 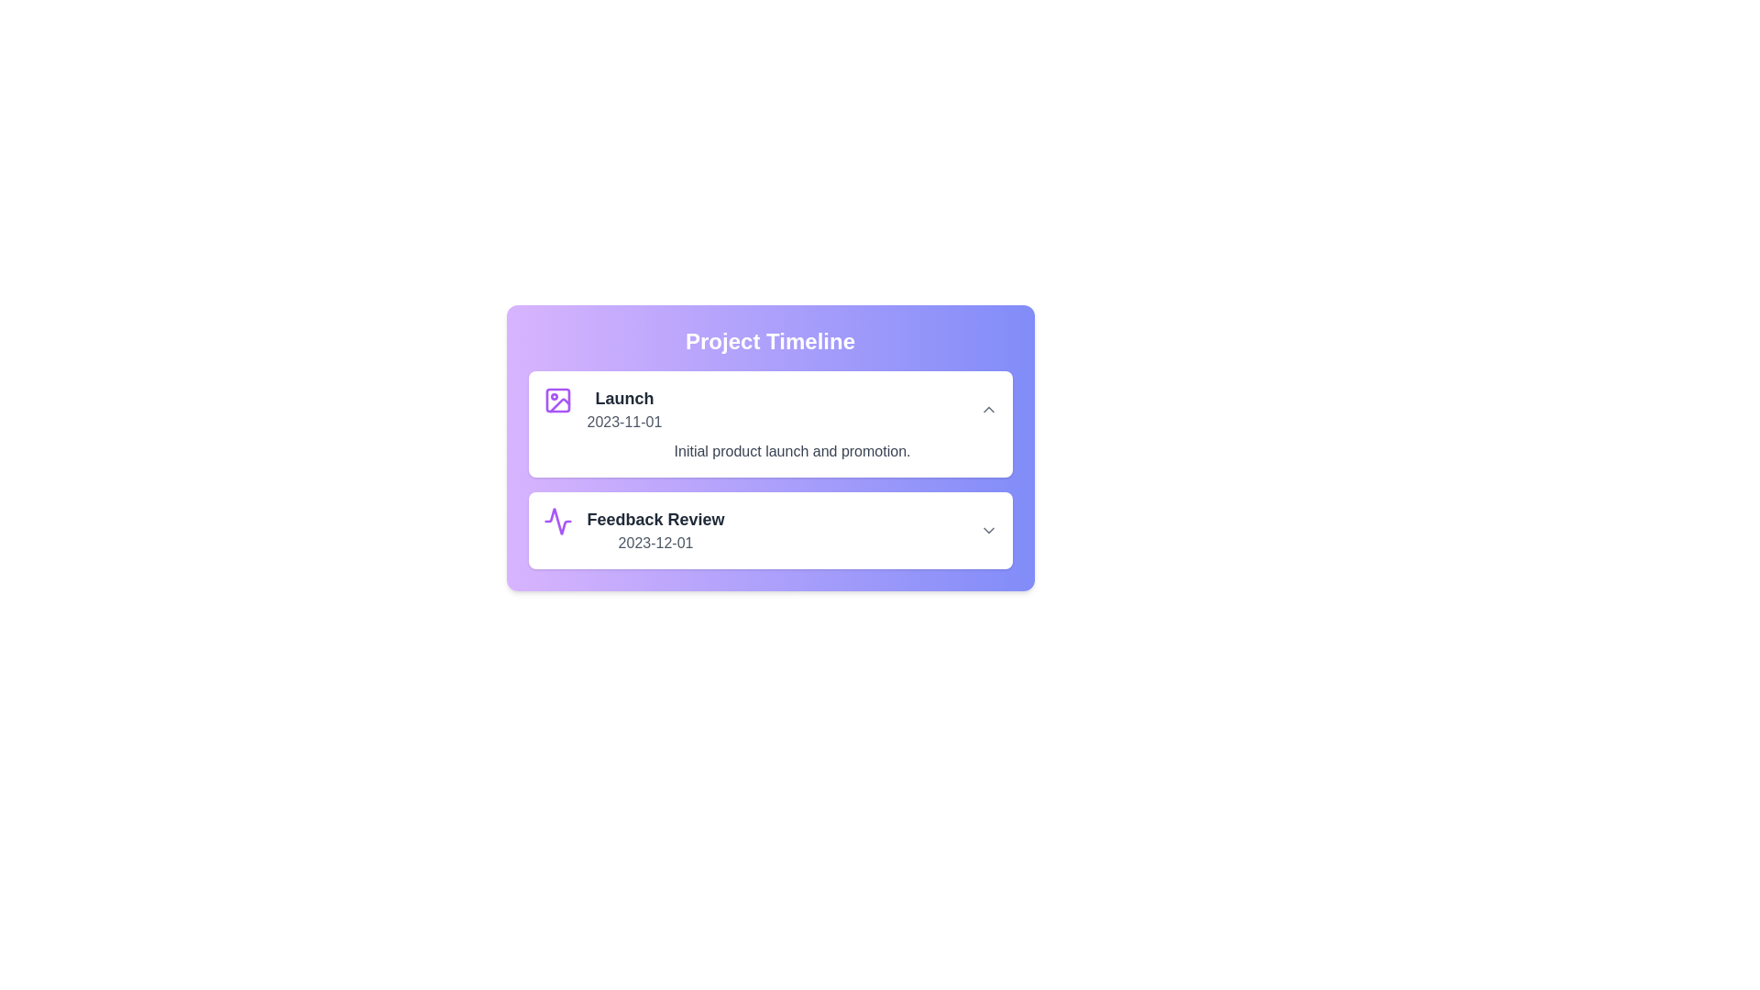 What do you see at coordinates (792, 452) in the screenshot?
I see `the static text label that reads 'Initial product launch and promotion.' positioned below the 'Launch' heading in the Project Timeline card` at bounding box center [792, 452].